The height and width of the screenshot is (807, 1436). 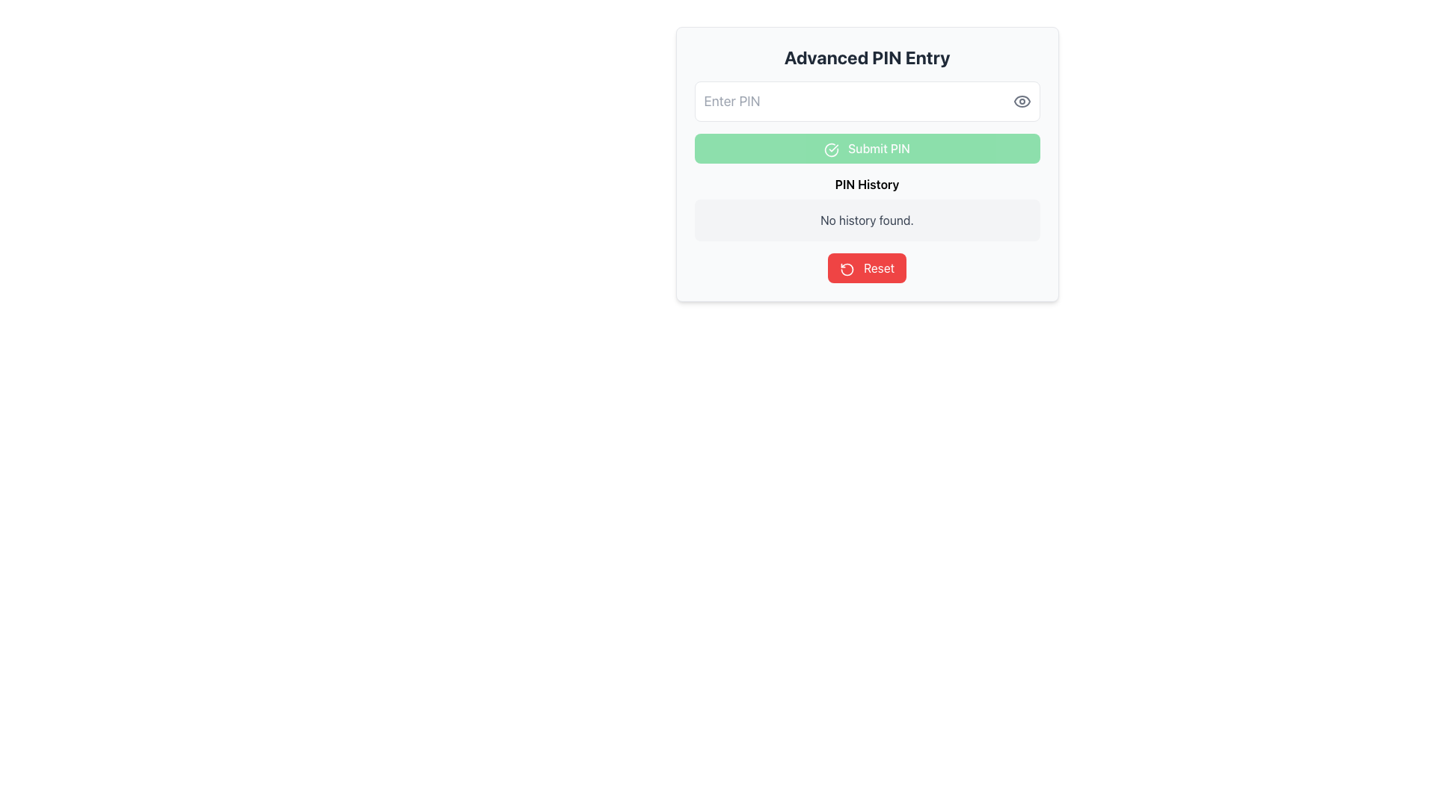 I want to click on the eye icon that represents the visibility toggle for the 'Enter PIN' input field, so click(x=1021, y=101).